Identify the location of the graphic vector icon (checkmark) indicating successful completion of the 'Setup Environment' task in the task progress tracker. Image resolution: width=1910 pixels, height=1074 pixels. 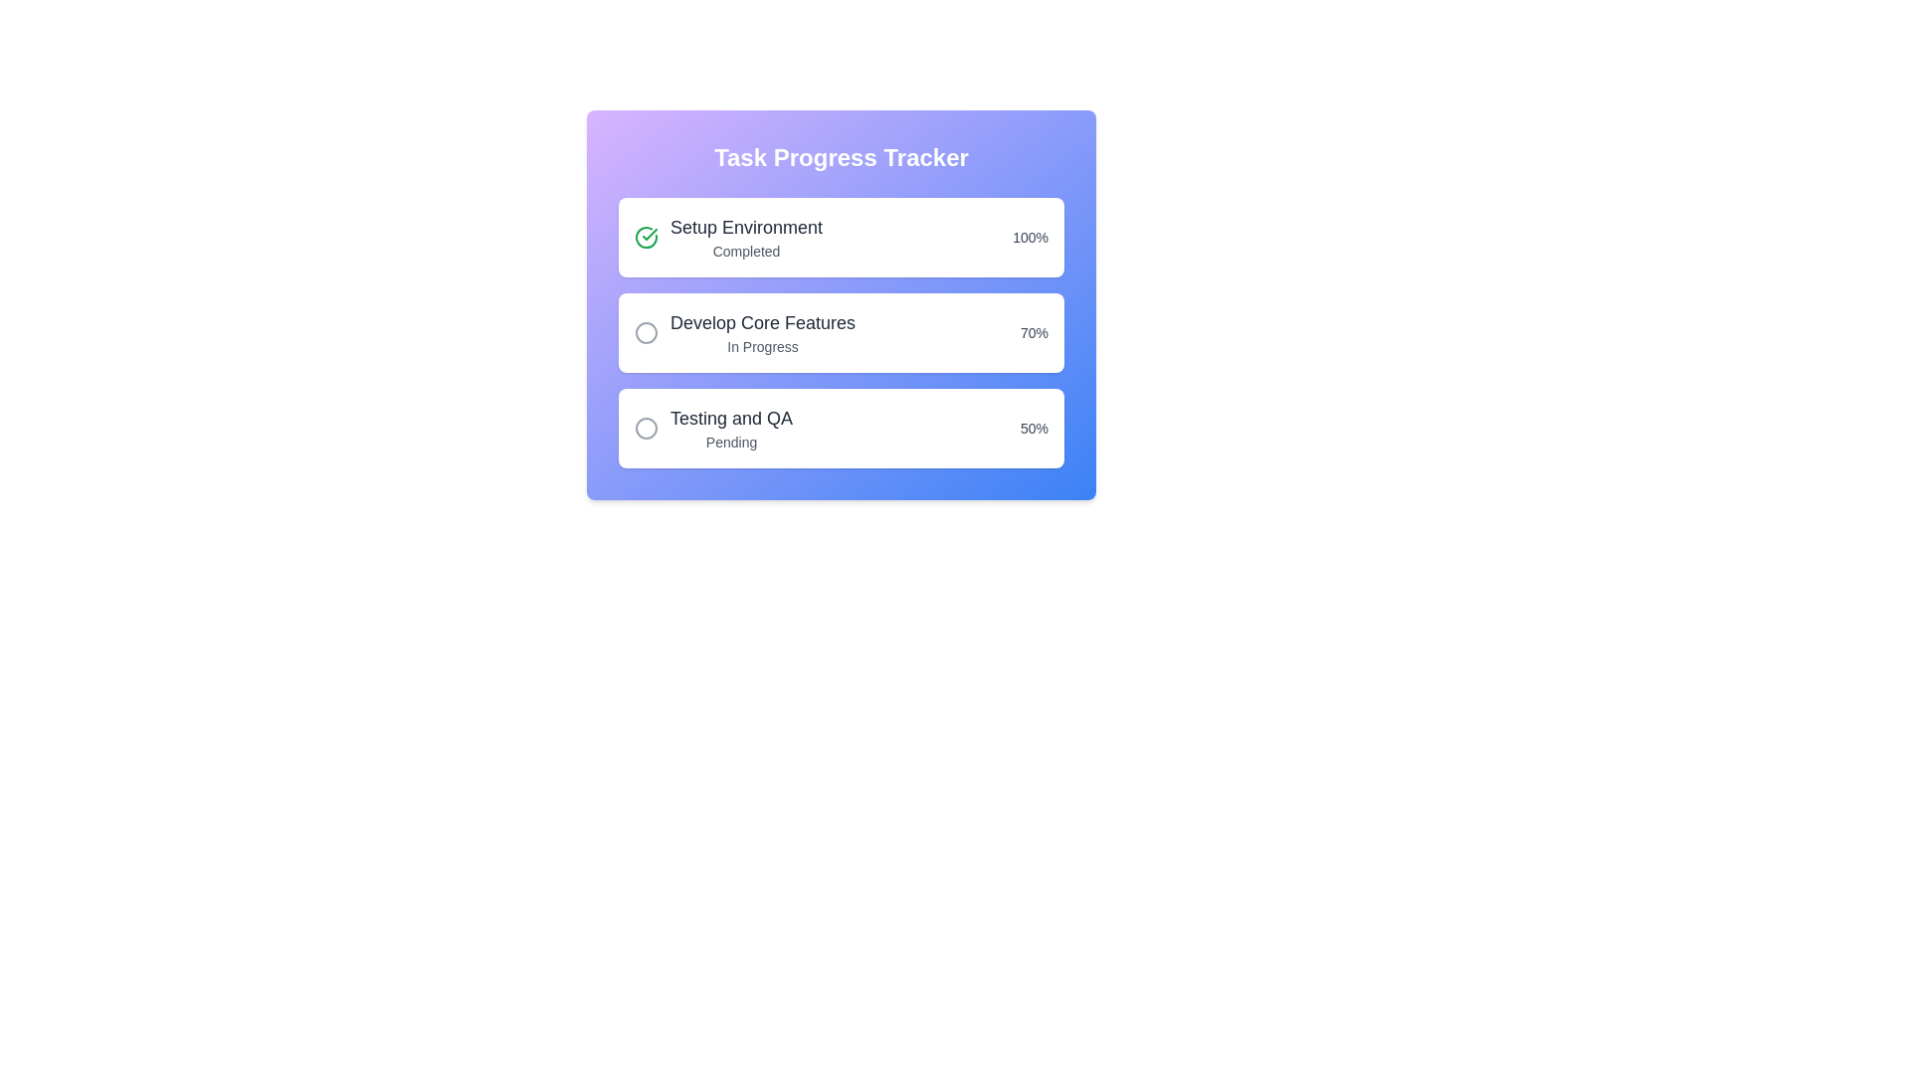
(650, 233).